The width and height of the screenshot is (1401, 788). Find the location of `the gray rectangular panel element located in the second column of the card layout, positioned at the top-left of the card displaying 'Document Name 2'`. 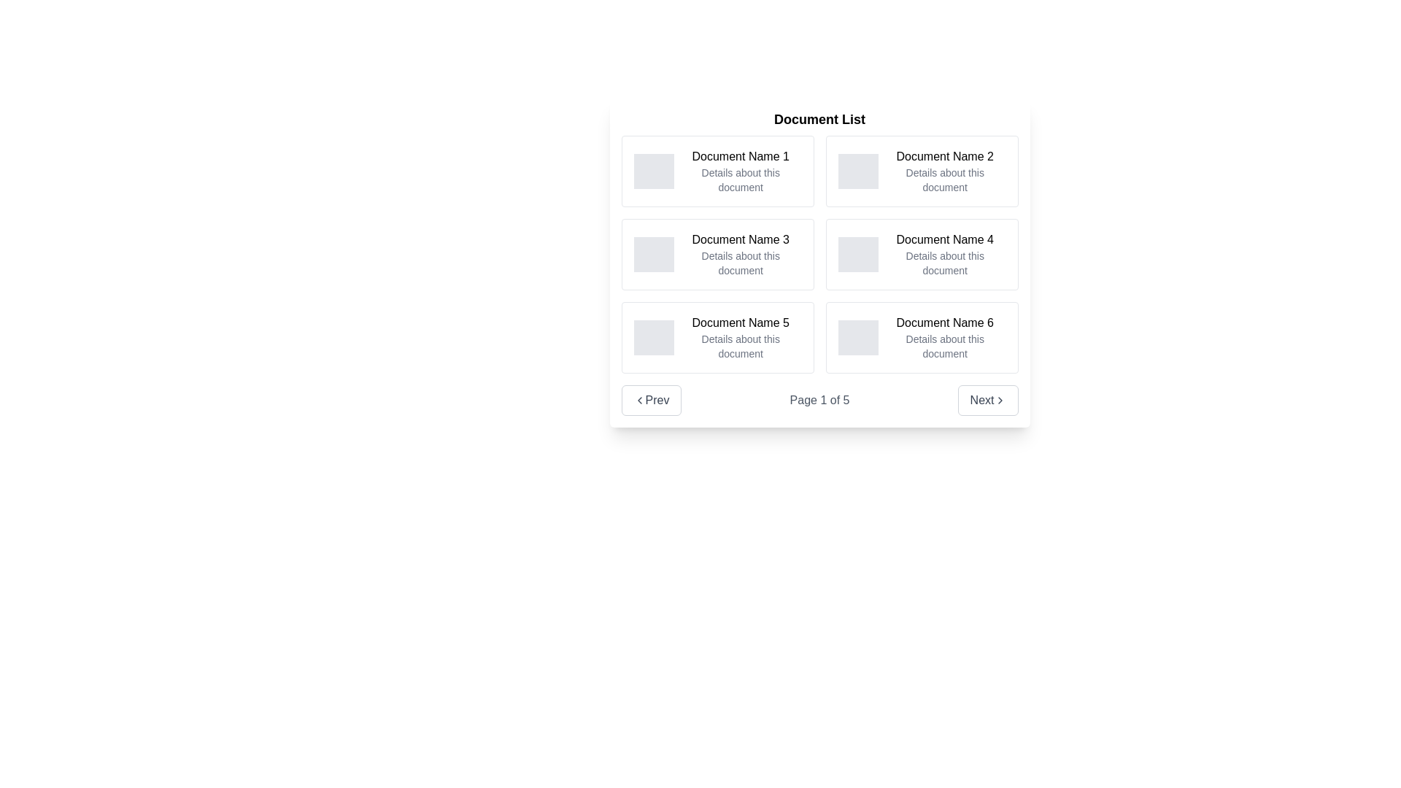

the gray rectangular panel element located in the second column of the card layout, positioned at the top-left of the card displaying 'Document Name 2' is located at coordinates (858, 171).